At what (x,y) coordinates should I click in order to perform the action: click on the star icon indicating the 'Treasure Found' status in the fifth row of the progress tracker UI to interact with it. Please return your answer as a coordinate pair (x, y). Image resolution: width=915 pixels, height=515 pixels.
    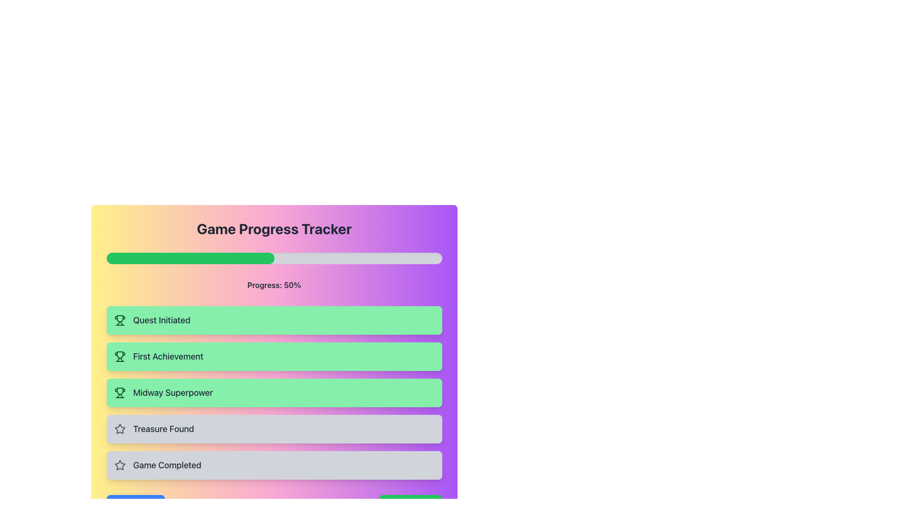
    Looking at the image, I should click on (119, 464).